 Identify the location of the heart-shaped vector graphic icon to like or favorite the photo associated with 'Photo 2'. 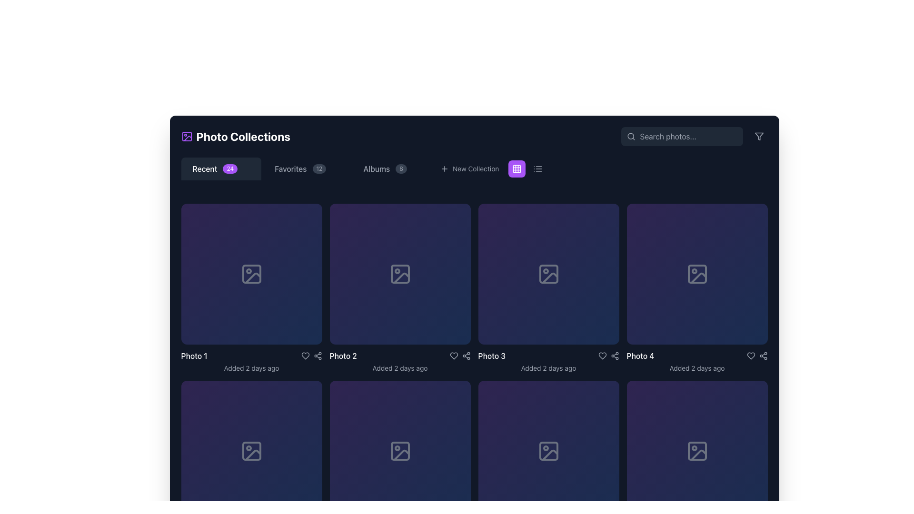
(305, 356).